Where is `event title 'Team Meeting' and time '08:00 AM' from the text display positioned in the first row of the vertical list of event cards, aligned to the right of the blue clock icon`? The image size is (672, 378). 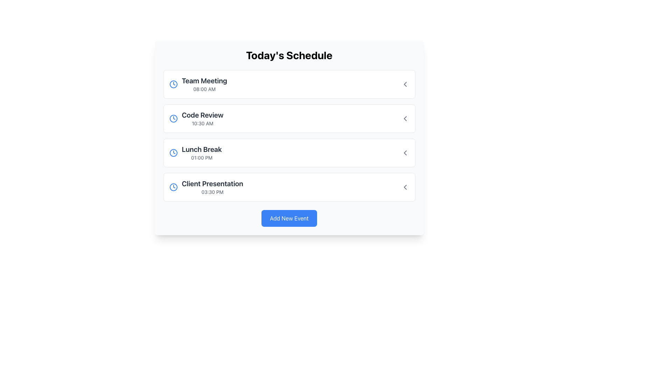 event title 'Team Meeting' and time '08:00 AM' from the text display positioned in the first row of the vertical list of event cards, aligned to the right of the blue clock icon is located at coordinates (204, 84).